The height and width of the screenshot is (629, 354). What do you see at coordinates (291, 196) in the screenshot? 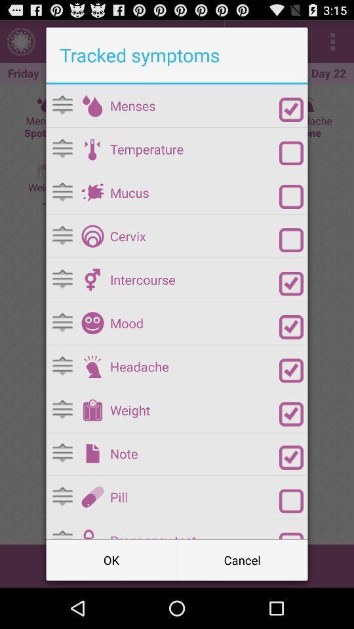
I see `selection option` at bounding box center [291, 196].